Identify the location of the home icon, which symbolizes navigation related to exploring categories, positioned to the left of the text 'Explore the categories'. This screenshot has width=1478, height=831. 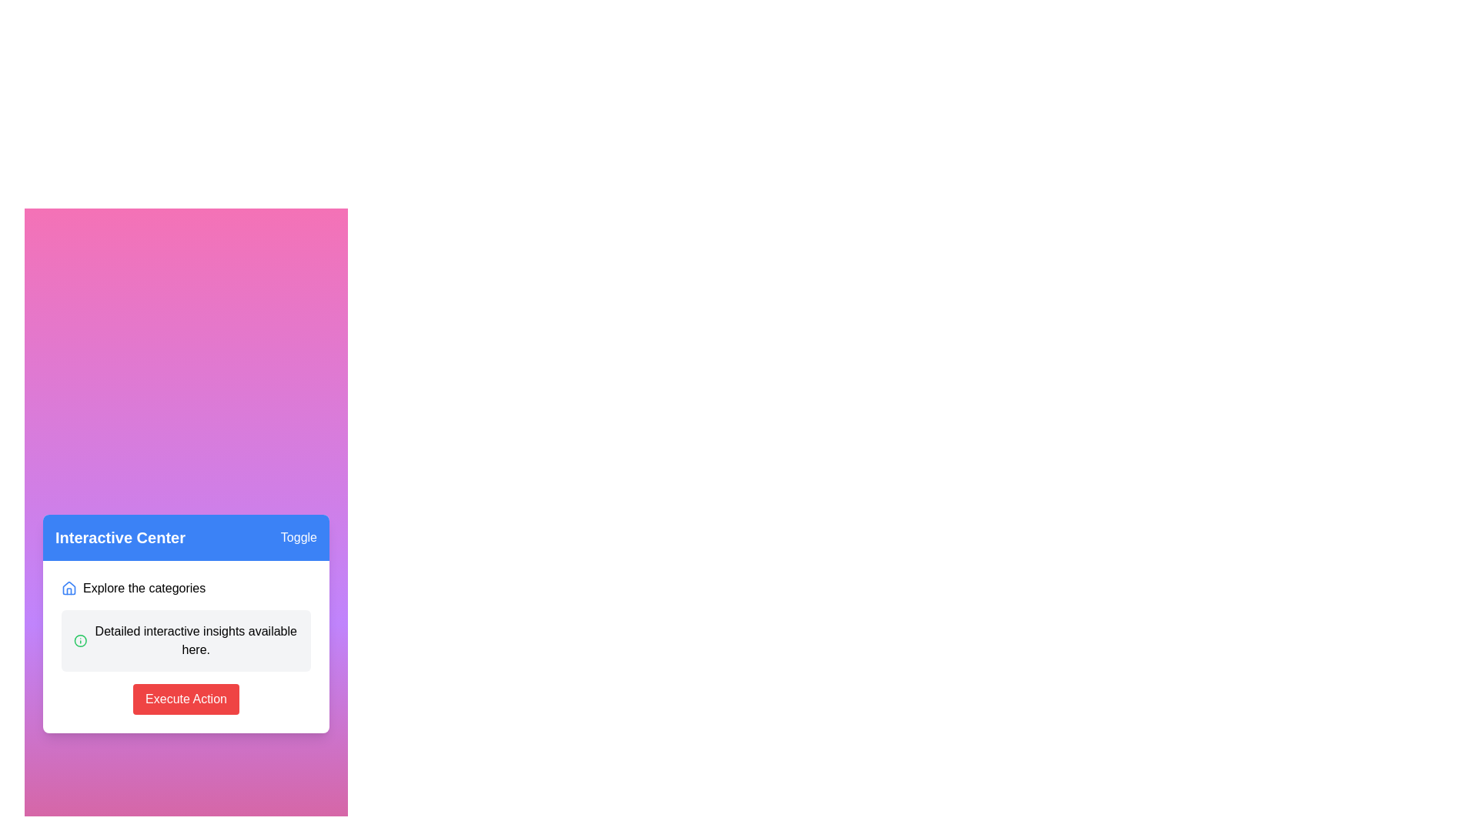
(69, 588).